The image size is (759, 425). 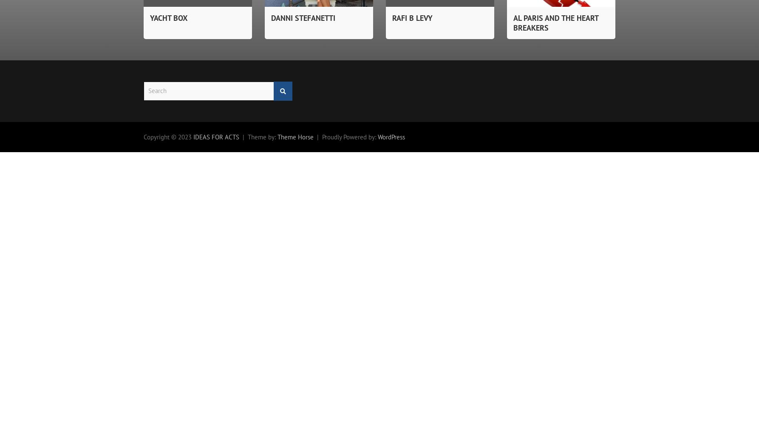 I want to click on 'Proudly Powered by:', so click(x=321, y=136).